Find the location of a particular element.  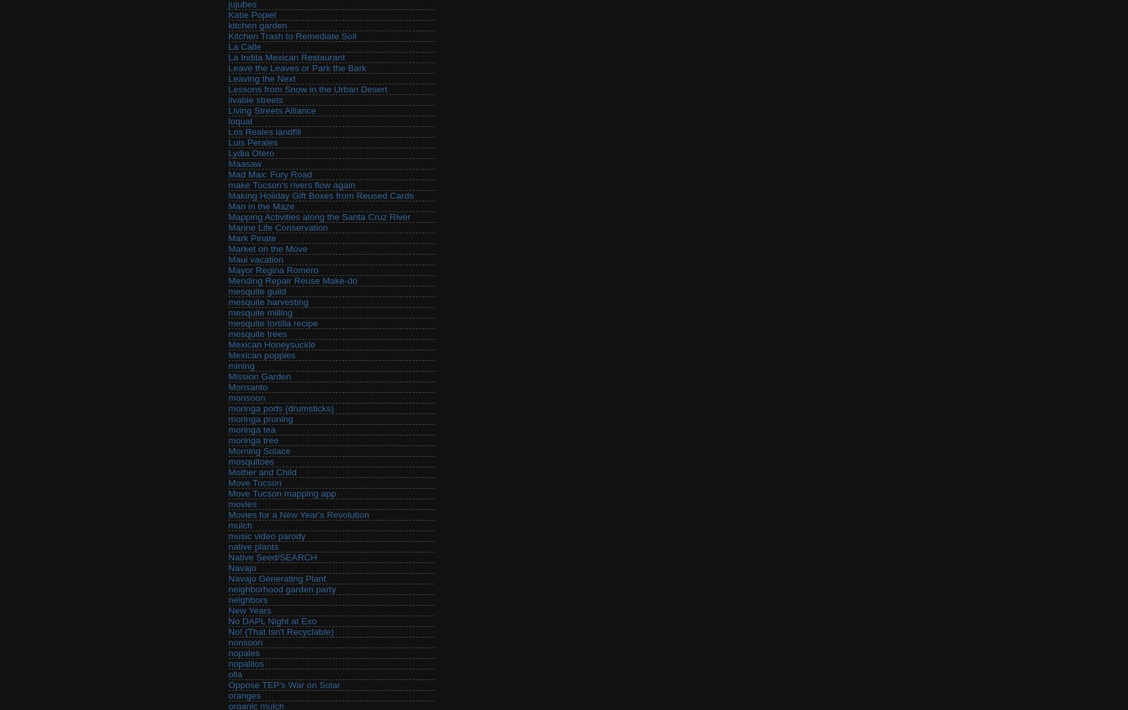

'movies' is located at coordinates (242, 504).